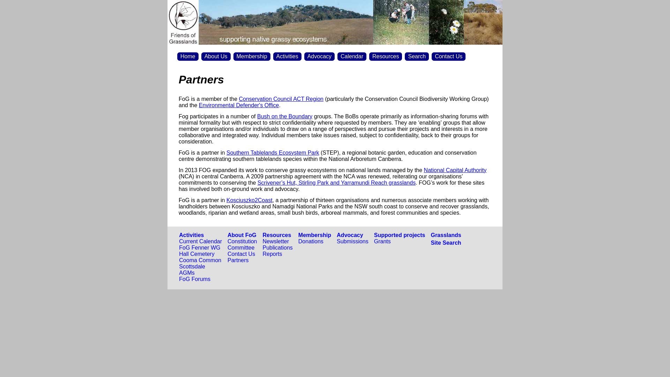 Image resolution: width=670 pixels, height=377 pixels. I want to click on 'Newsletter', so click(276, 241).